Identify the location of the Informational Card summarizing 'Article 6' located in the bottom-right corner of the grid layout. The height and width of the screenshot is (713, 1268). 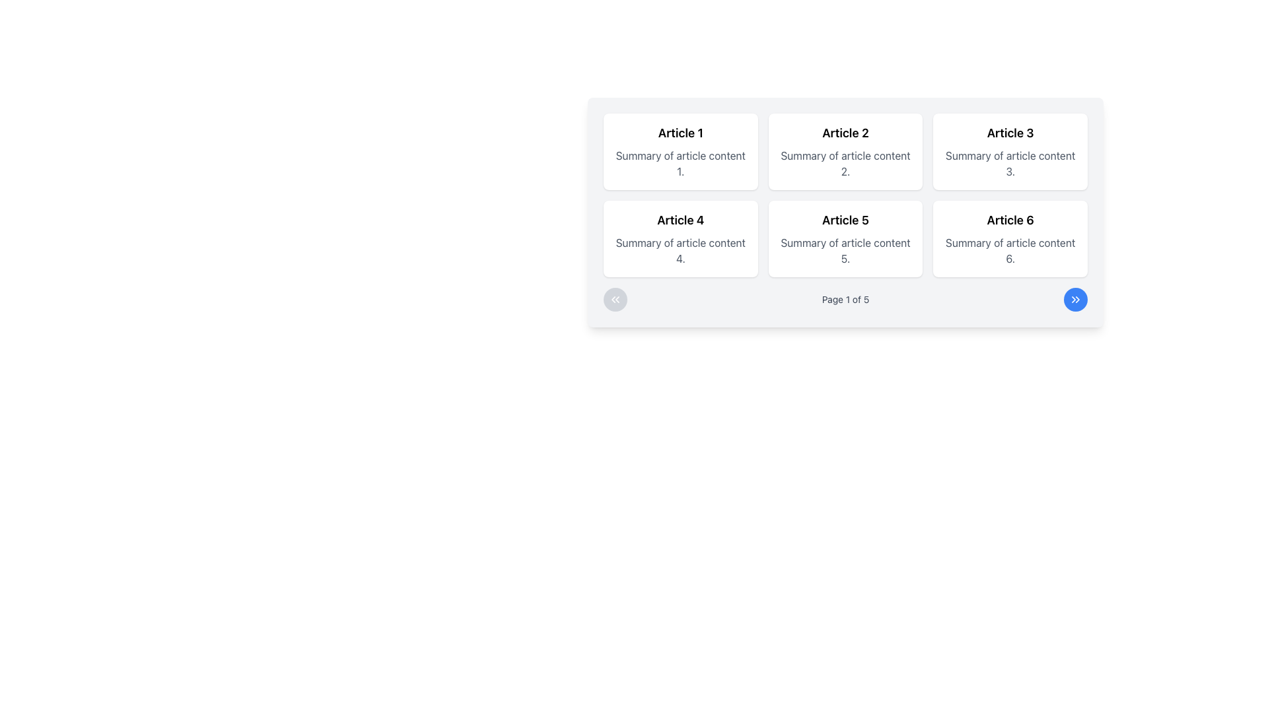
(1010, 239).